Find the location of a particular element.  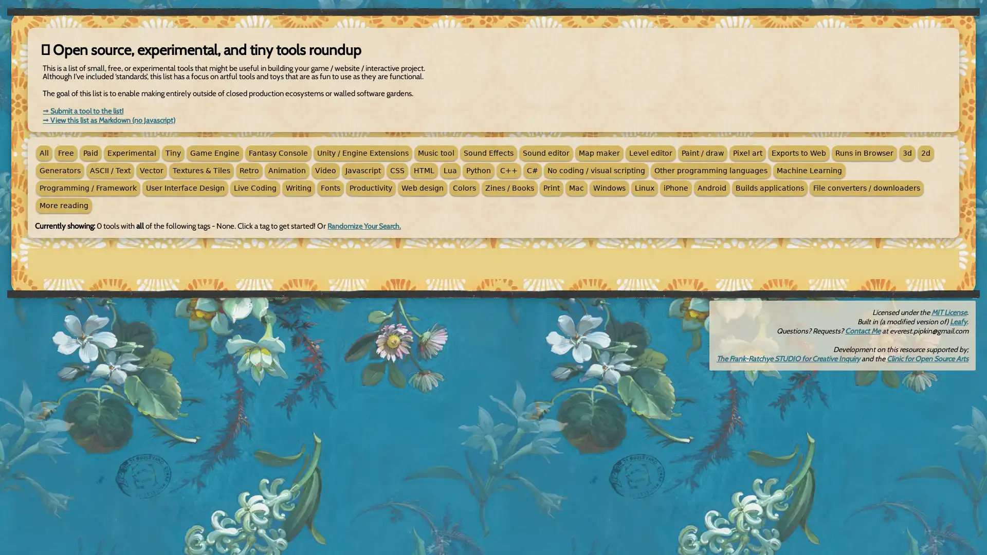

Animation is located at coordinates (287, 170).